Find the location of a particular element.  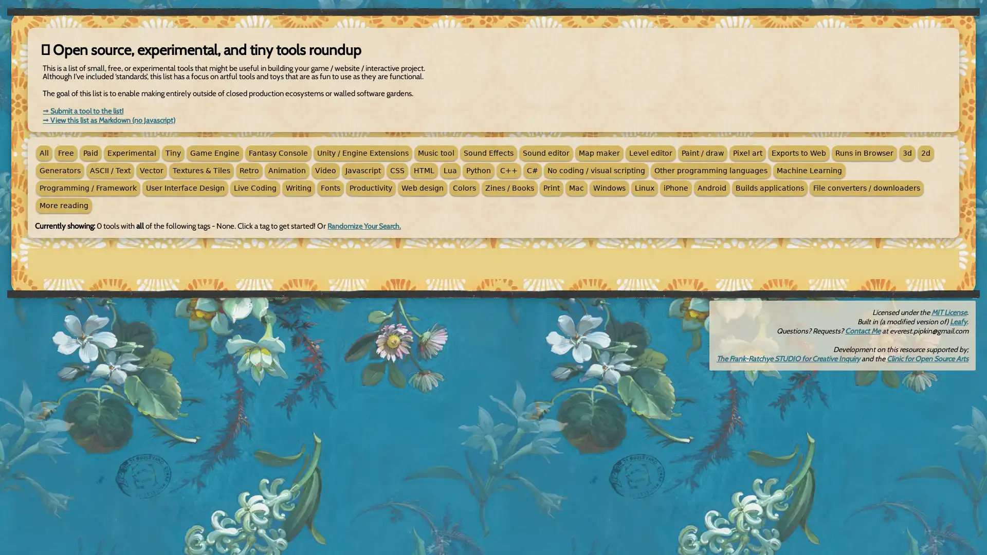

Animation is located at coordinates (287, 170).